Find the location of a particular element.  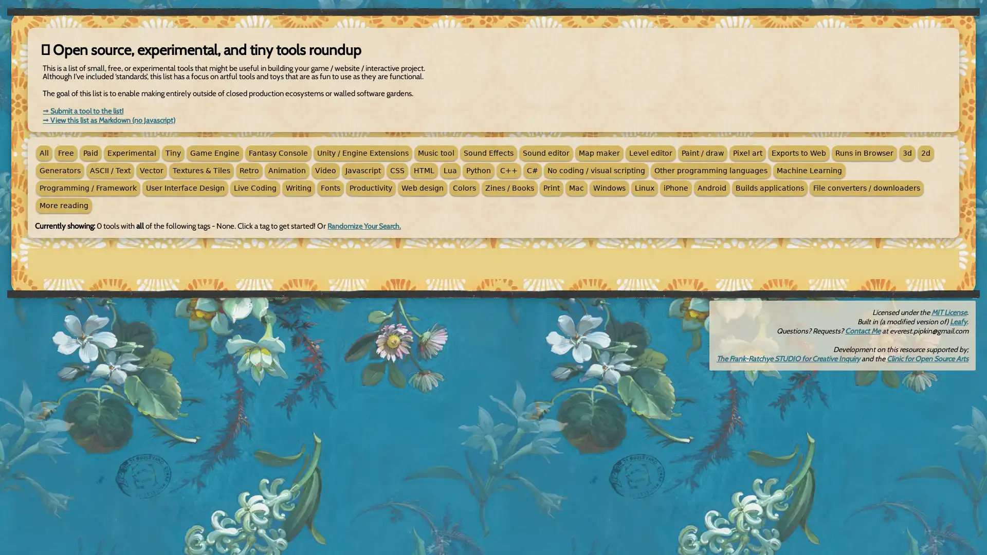

Animation is located at coordinates (287, 170).